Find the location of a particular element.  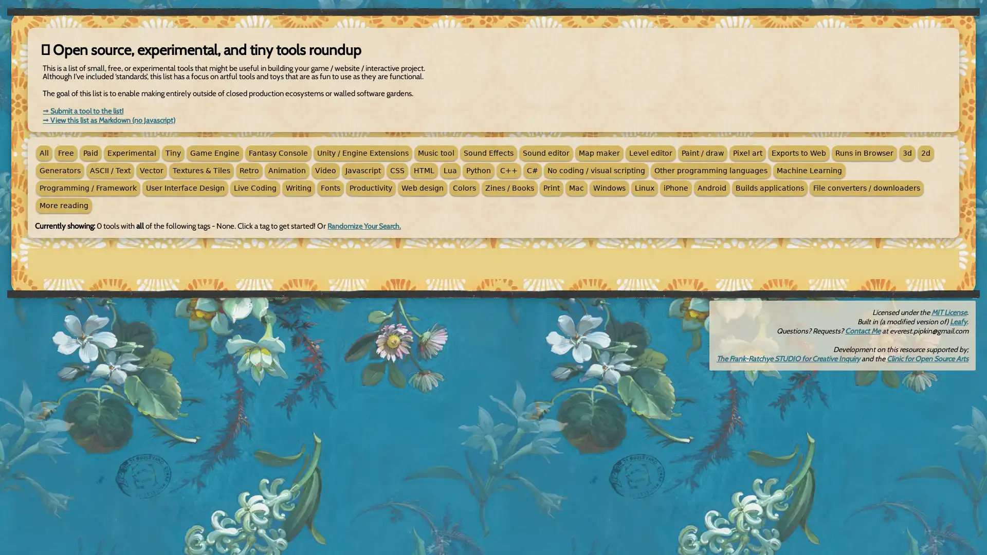

Animation is located at coordinates (287, 170).